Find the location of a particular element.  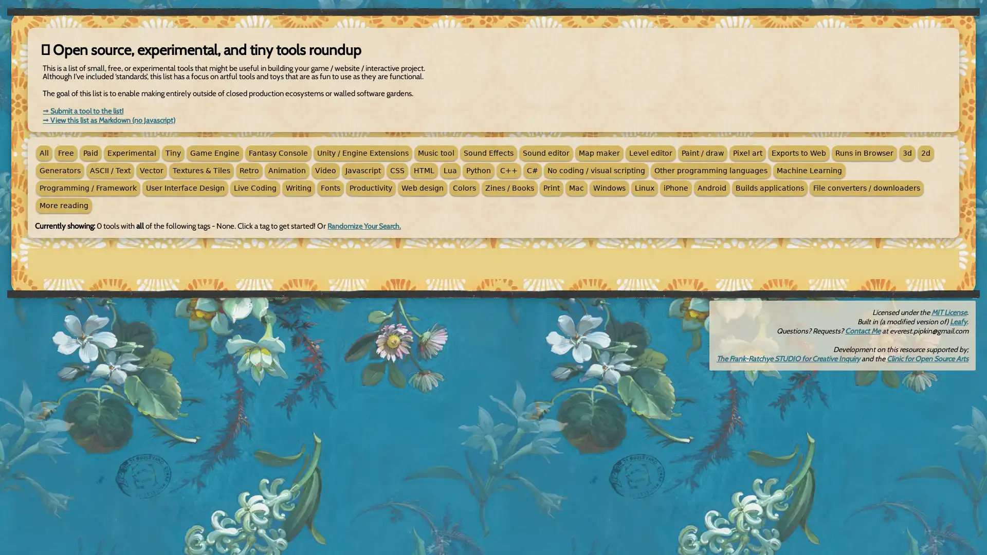

Animation is located at coordinates (287, 170).